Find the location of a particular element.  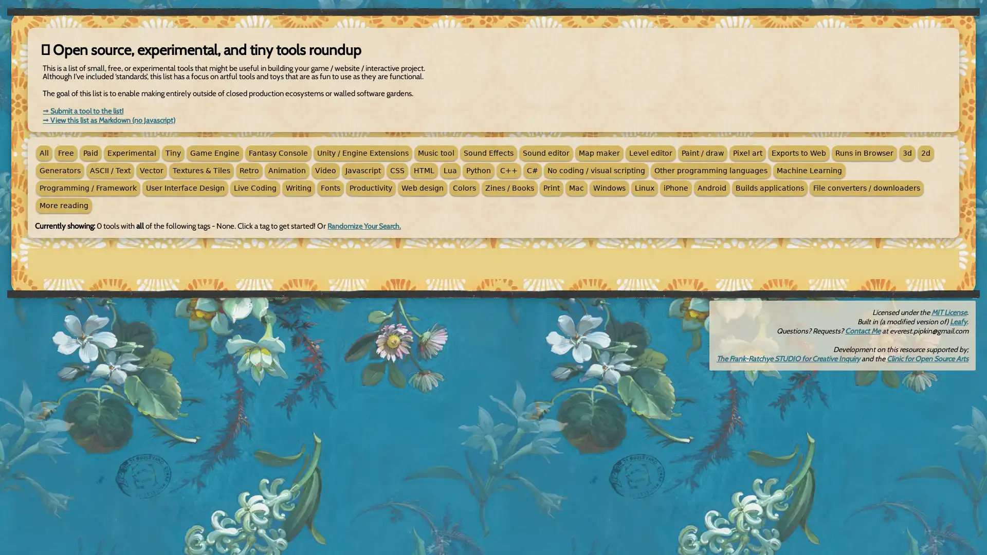

Animation is located at coordinates (287, 170).